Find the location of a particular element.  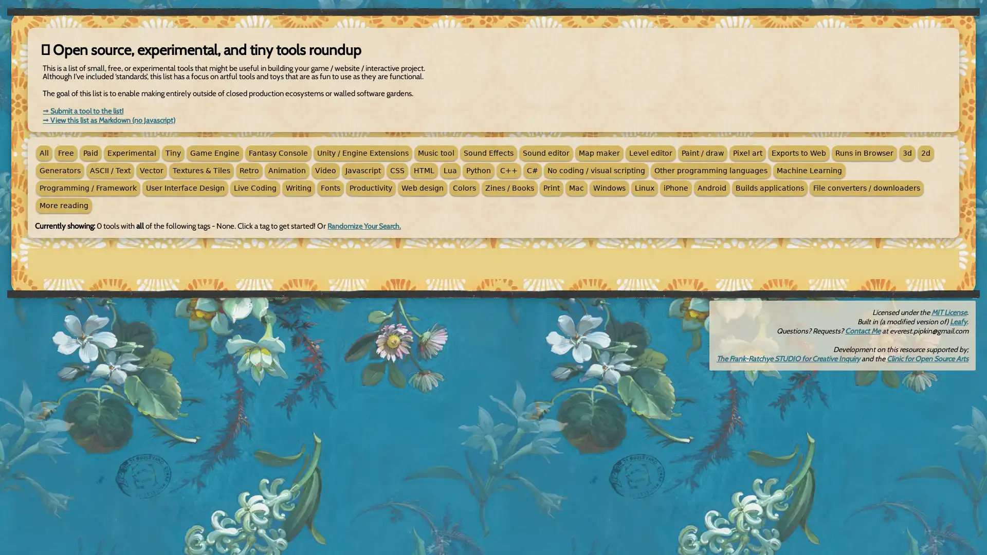

Animation is located at coordinates (287, 170).